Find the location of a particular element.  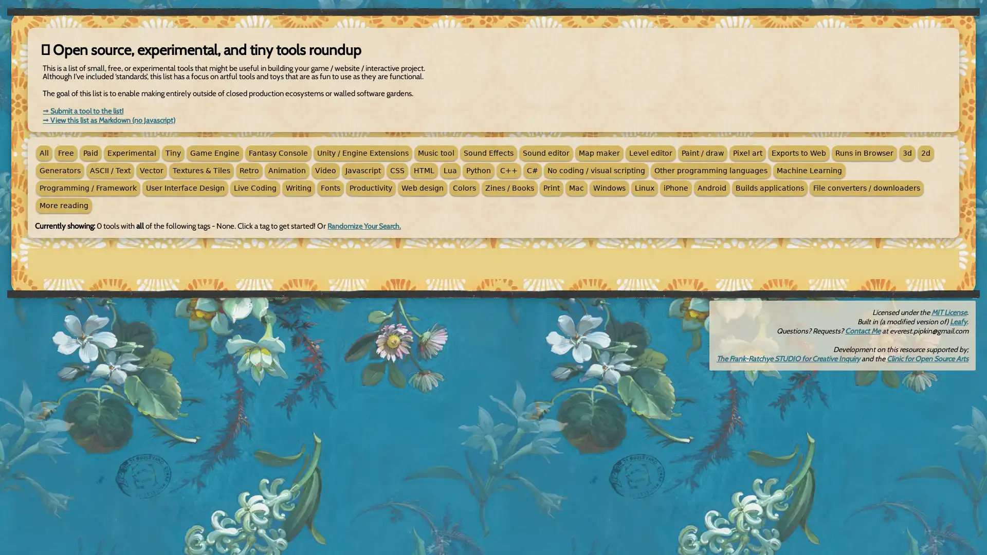

Animation is located at coordinates (287, 170).